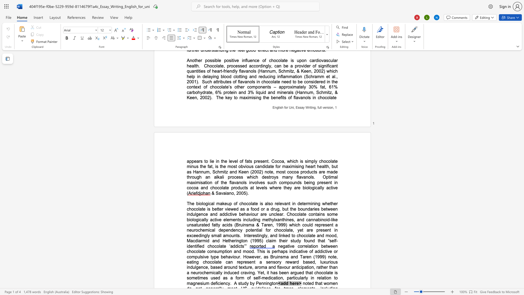  What do you see at coordinates (310, 246) in the screenshot?
I see `the 2th character "a" in the text` at bounding box center [310, 246].